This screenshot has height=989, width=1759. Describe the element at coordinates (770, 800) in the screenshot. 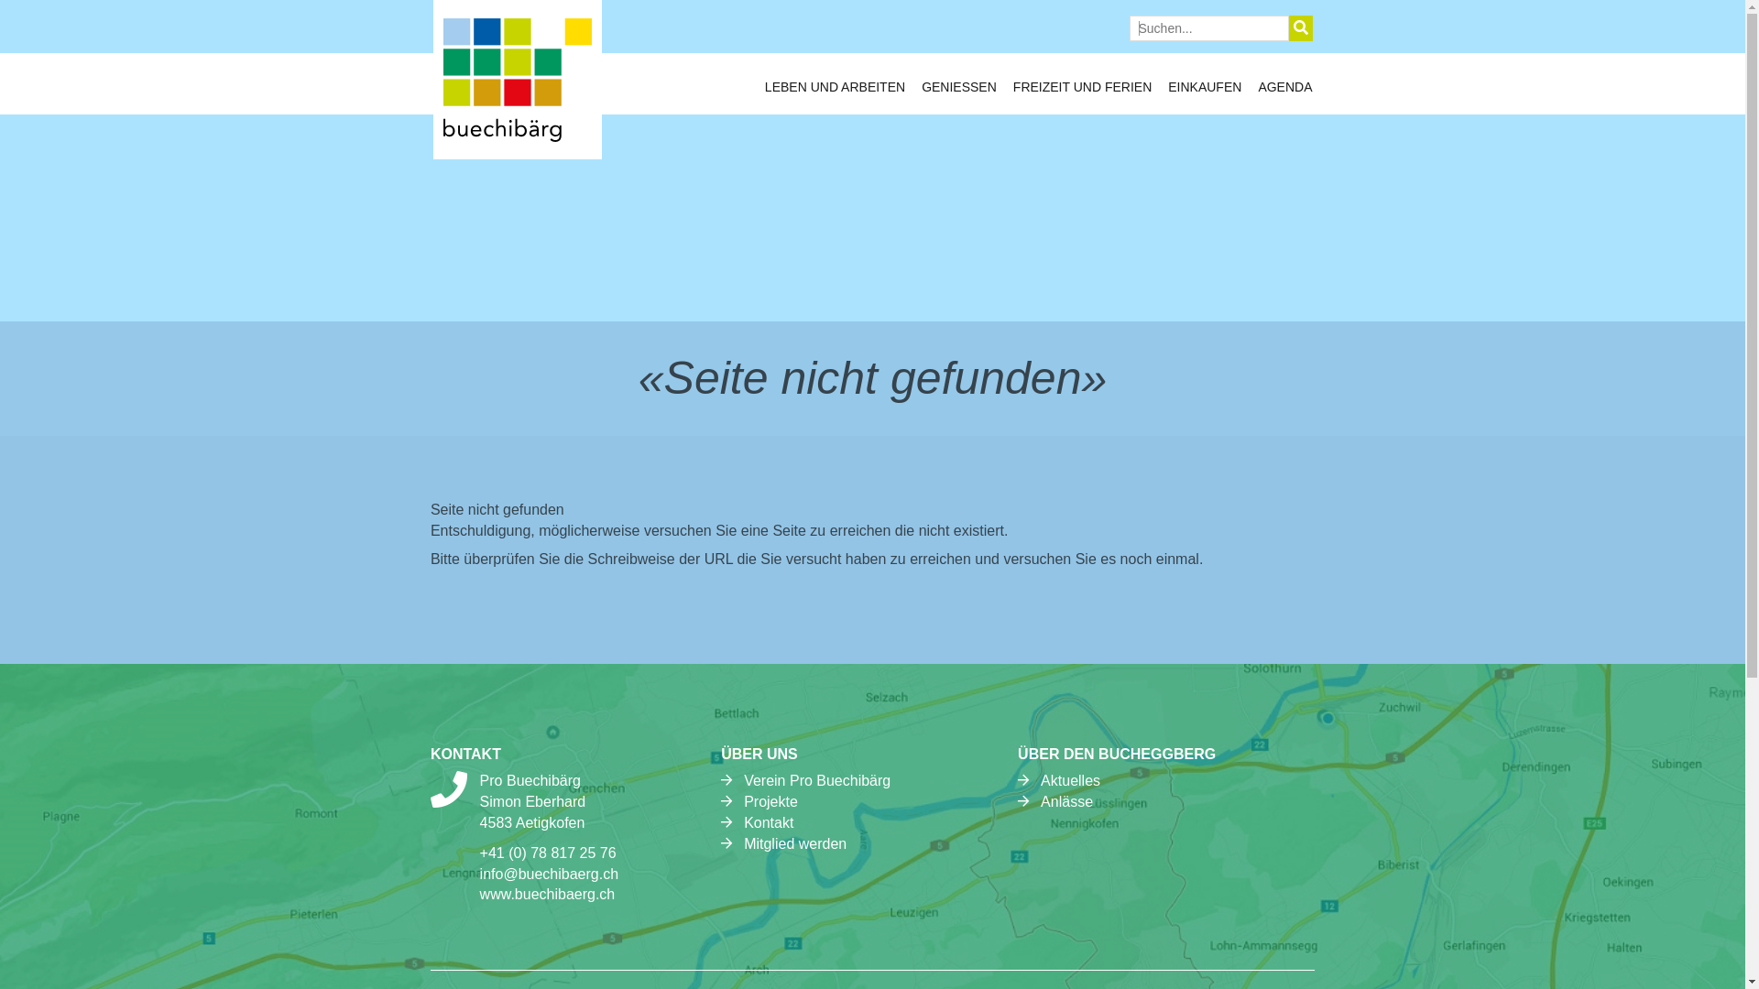

I see `'Projekte'` at that location.